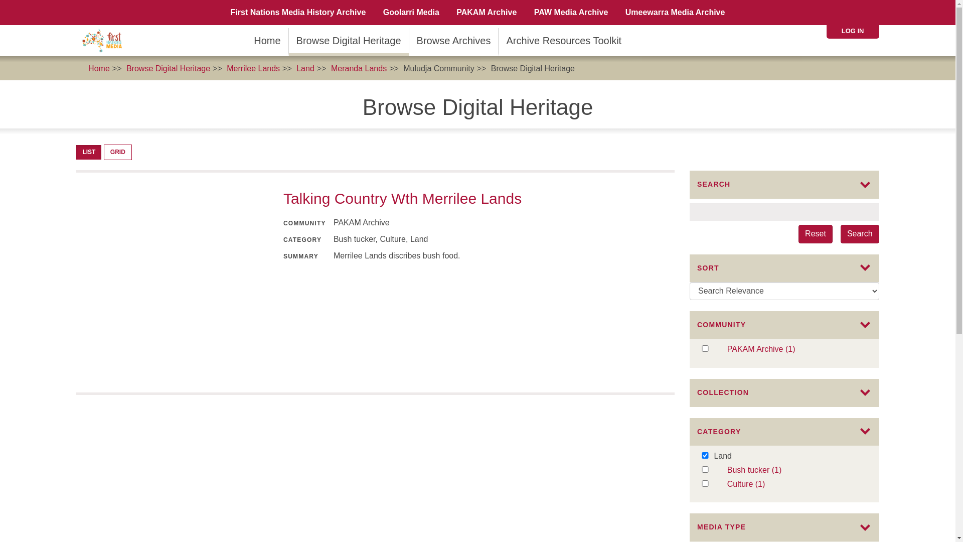  Describe the element at coordinates (453, 40) in the screenshot. I see `'Browse Archives'` at that location.